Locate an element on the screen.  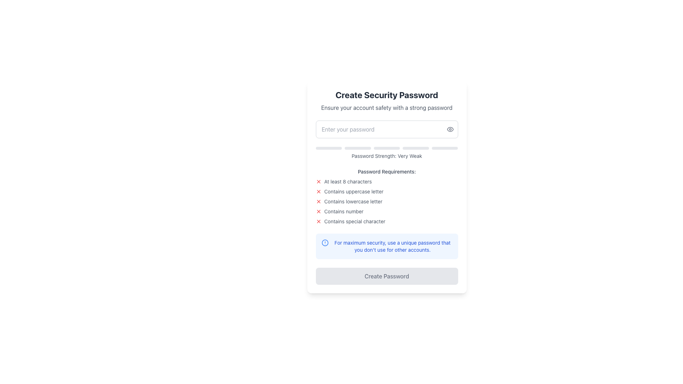
the red 'X' icon indicating that the password requirement 'Contains uppercase letter' has not been met is located at coordinates (318, 191).